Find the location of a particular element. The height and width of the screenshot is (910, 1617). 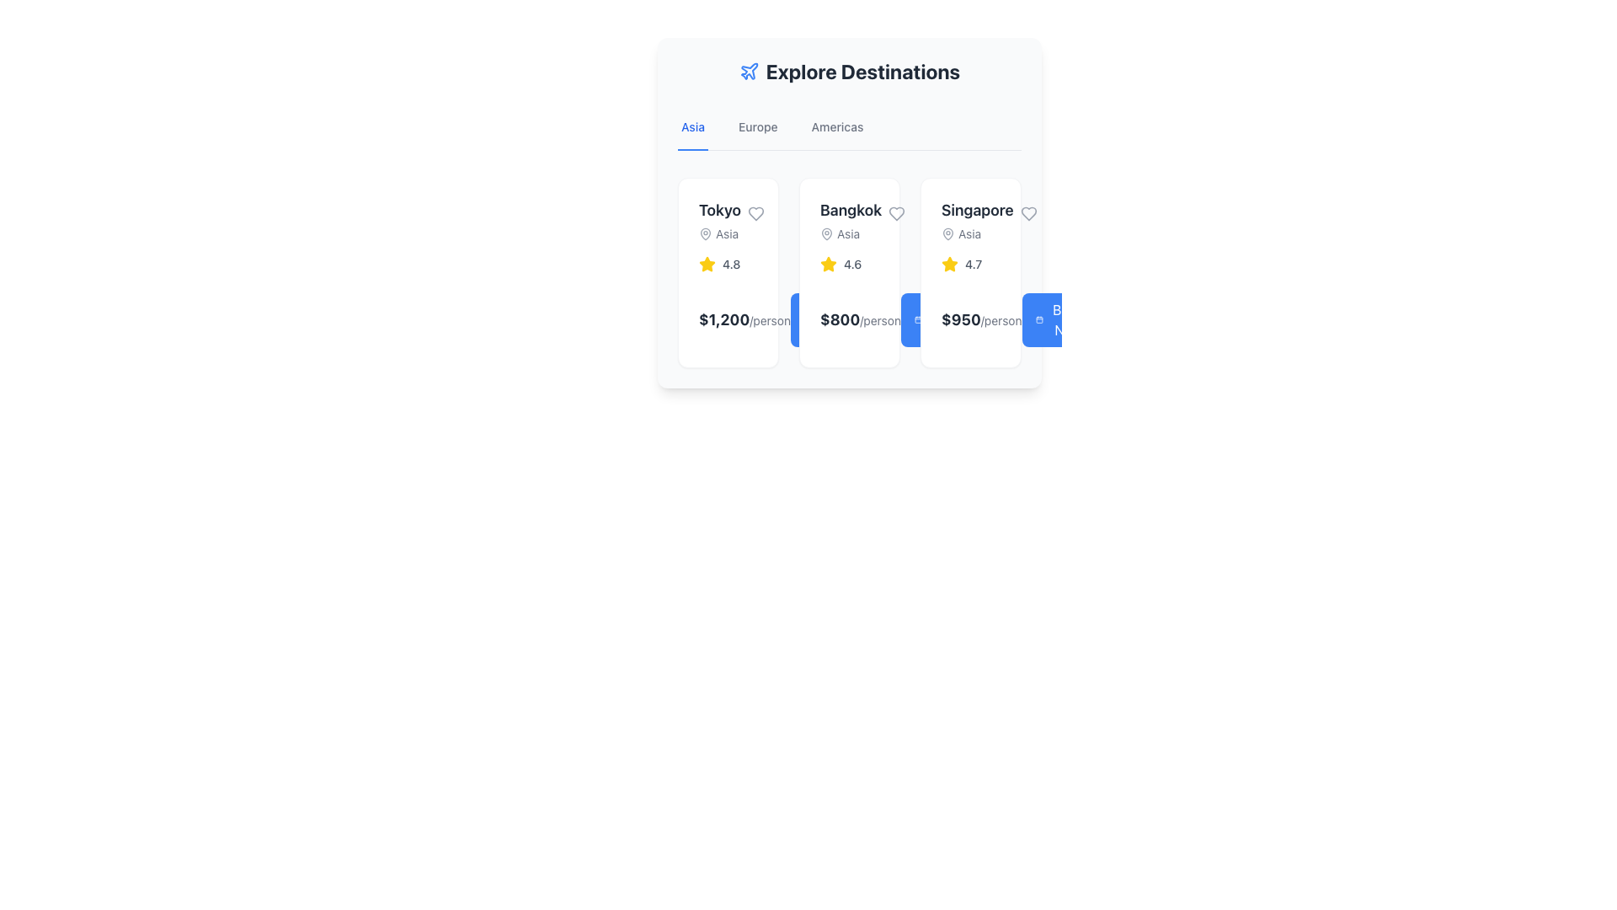

the yellow star-shaped icon that indicates a rating of 4.6, positioned to the left of the numeric rating in the 'Bangkok' card is located at coordinates (828, 264).